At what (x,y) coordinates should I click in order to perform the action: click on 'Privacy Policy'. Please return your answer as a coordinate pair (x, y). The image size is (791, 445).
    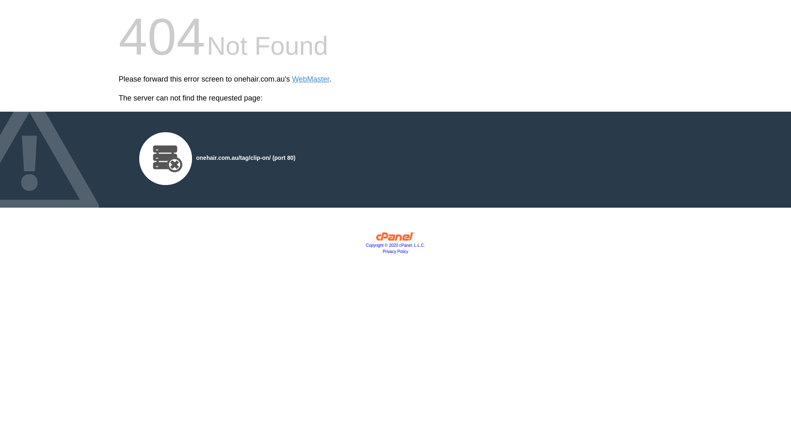
    Looking at the image, I should click on (395, 251).